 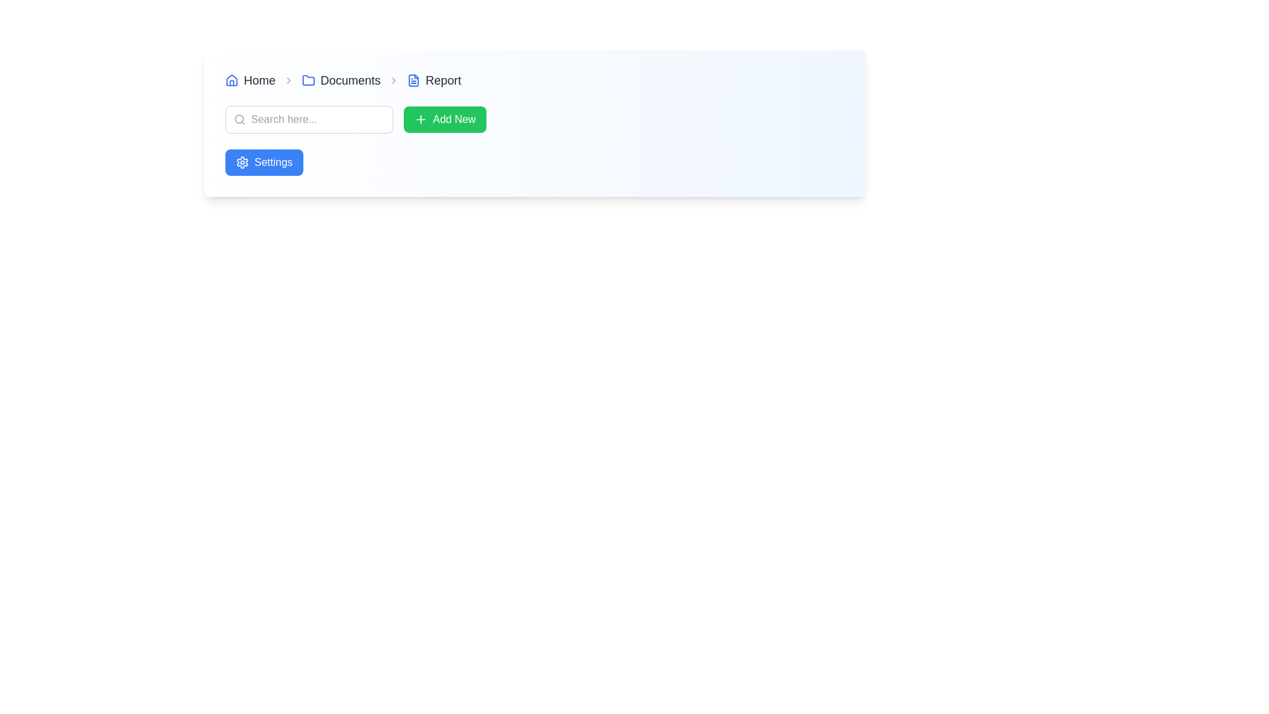 I want to click on the add new icon located within the green button labeled 'Add New' in the upper-right corner of the interface, so click(x=420, y=120).